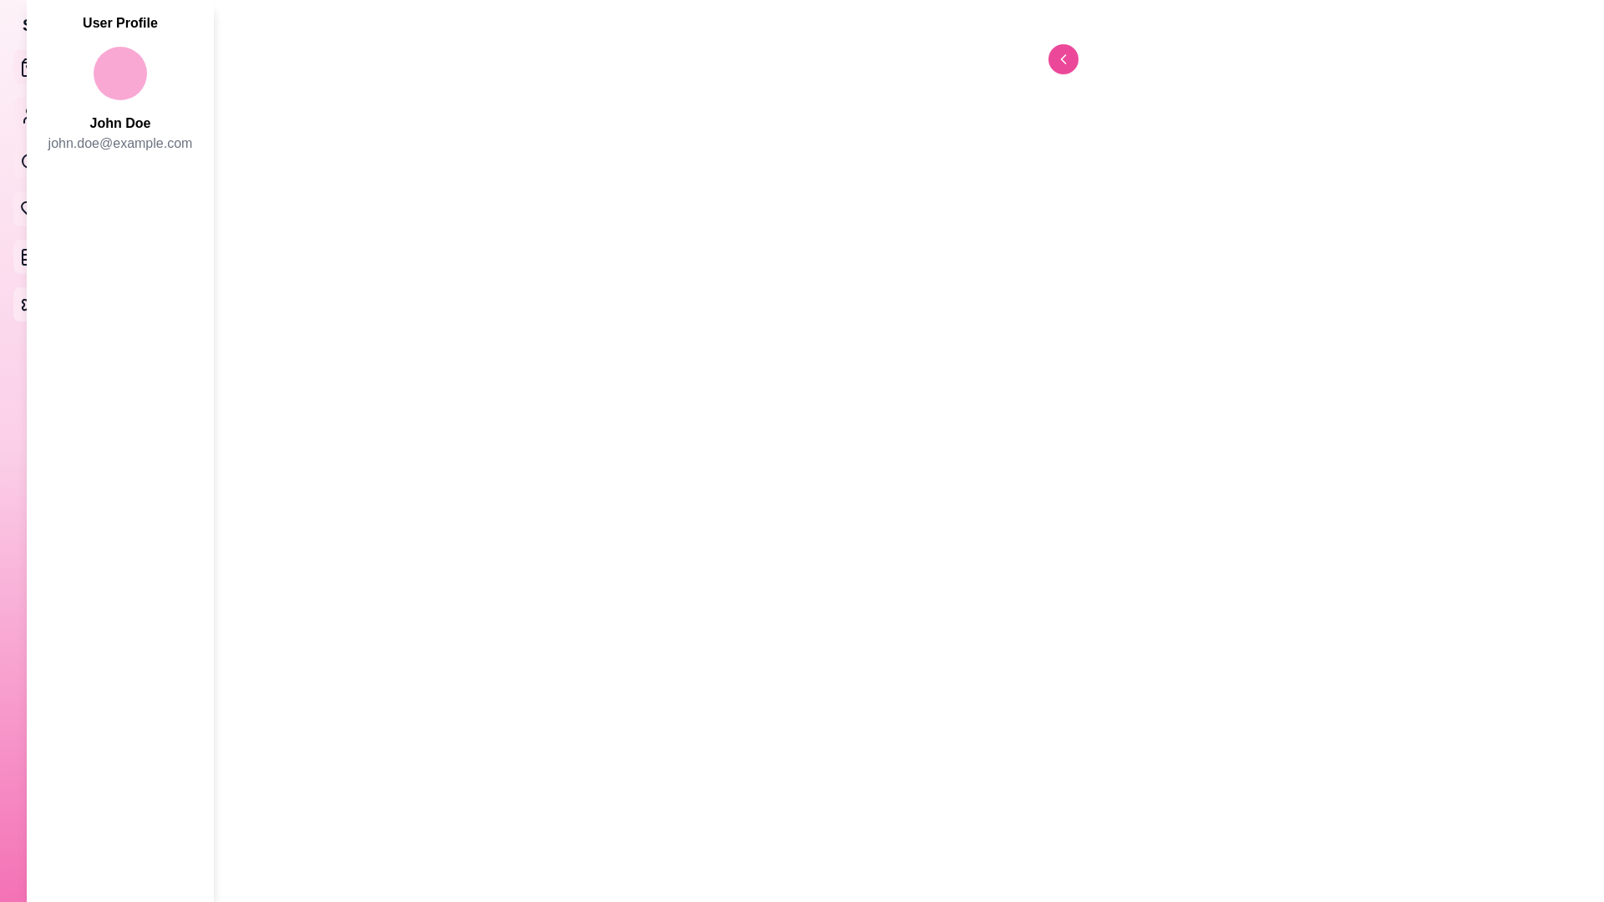 Image resolution: width=1604 pixels, height=902 pixels. I want to click on text content 'John Doe' from the Text Display element located vertically under the circular avatar icon, so click(119, 122).